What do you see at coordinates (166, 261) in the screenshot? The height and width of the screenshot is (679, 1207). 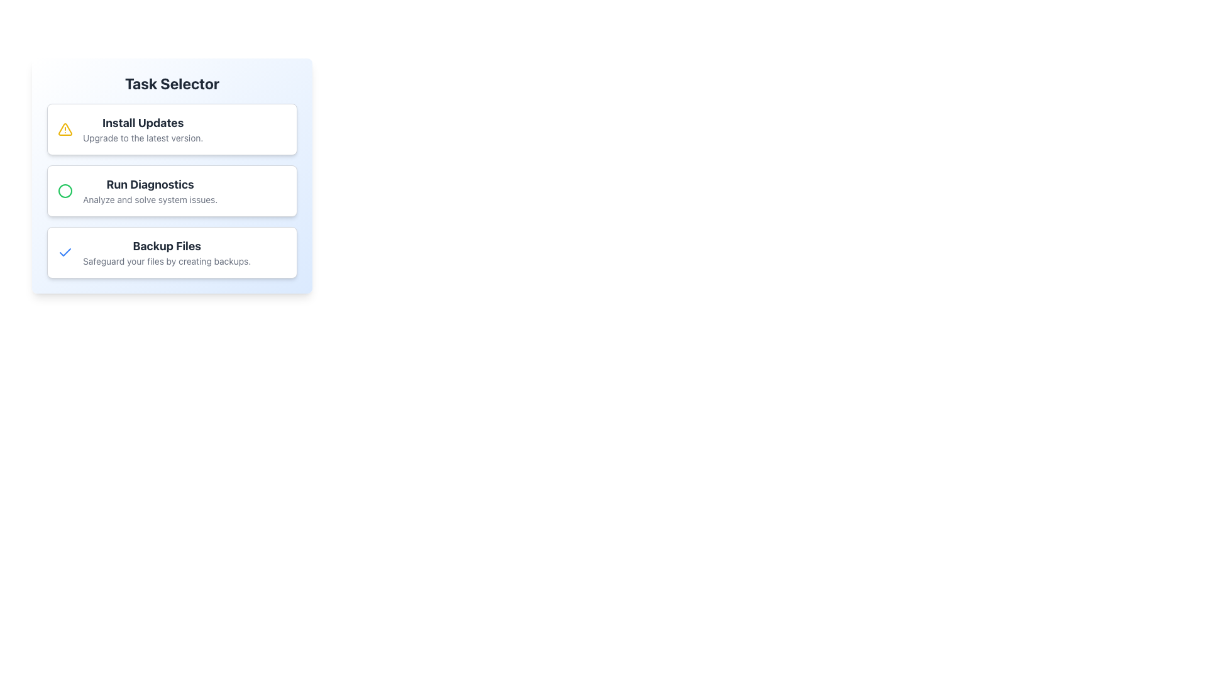 I see `the text element that reads 'Safeguard your files by creating backups.', which is styled in a smaller gray font and positioned below the header 'Backup Files' in the Task Selector section` at bounding box center [166, 261].